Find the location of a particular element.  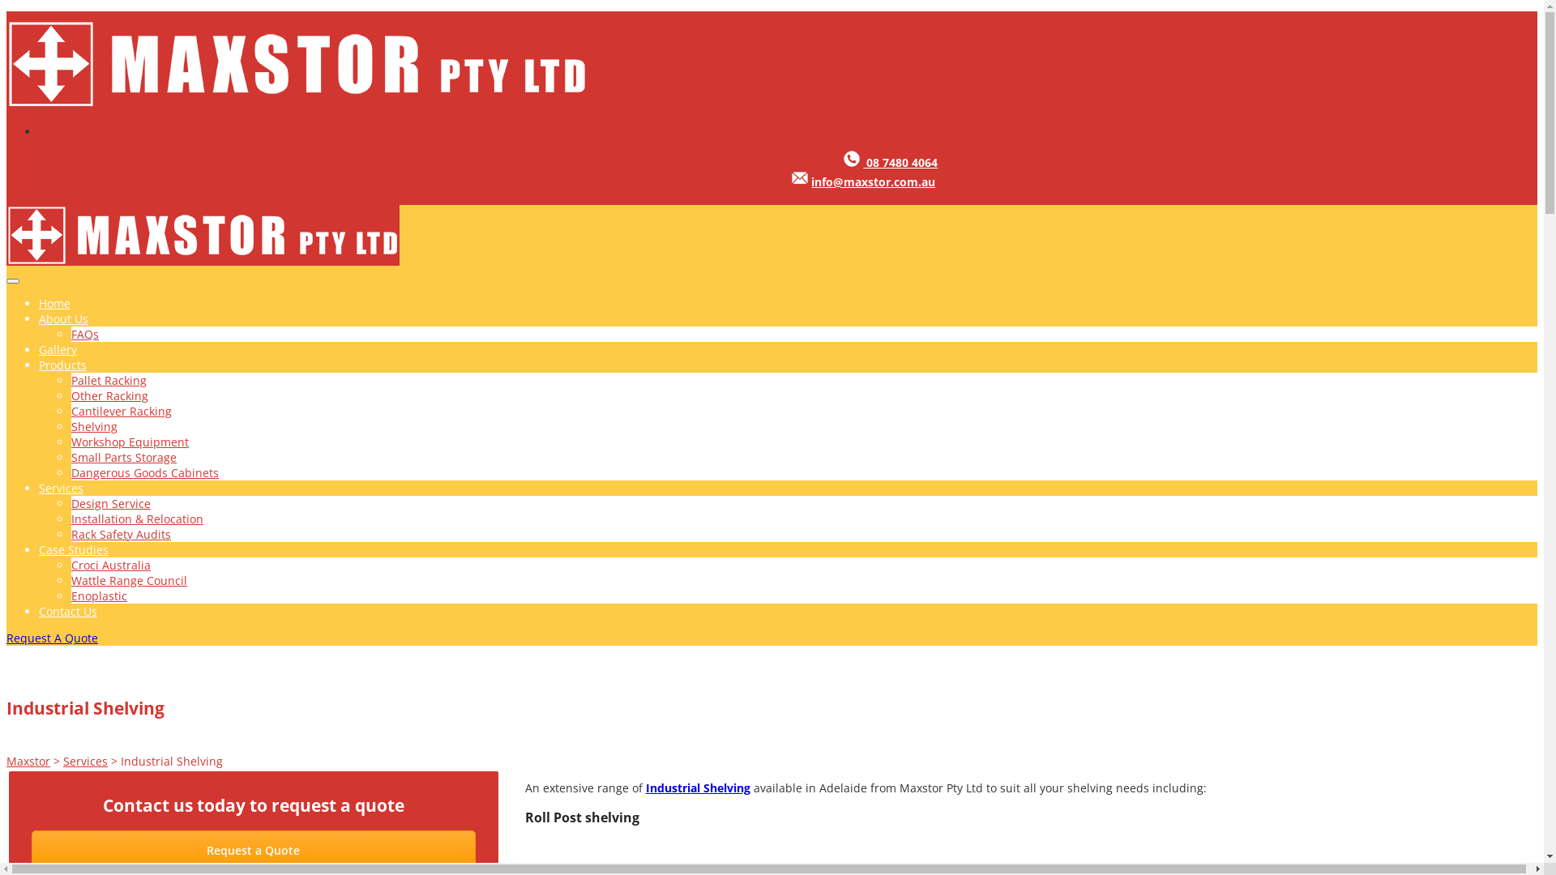

'Products' is located at coordinates (62, 365).